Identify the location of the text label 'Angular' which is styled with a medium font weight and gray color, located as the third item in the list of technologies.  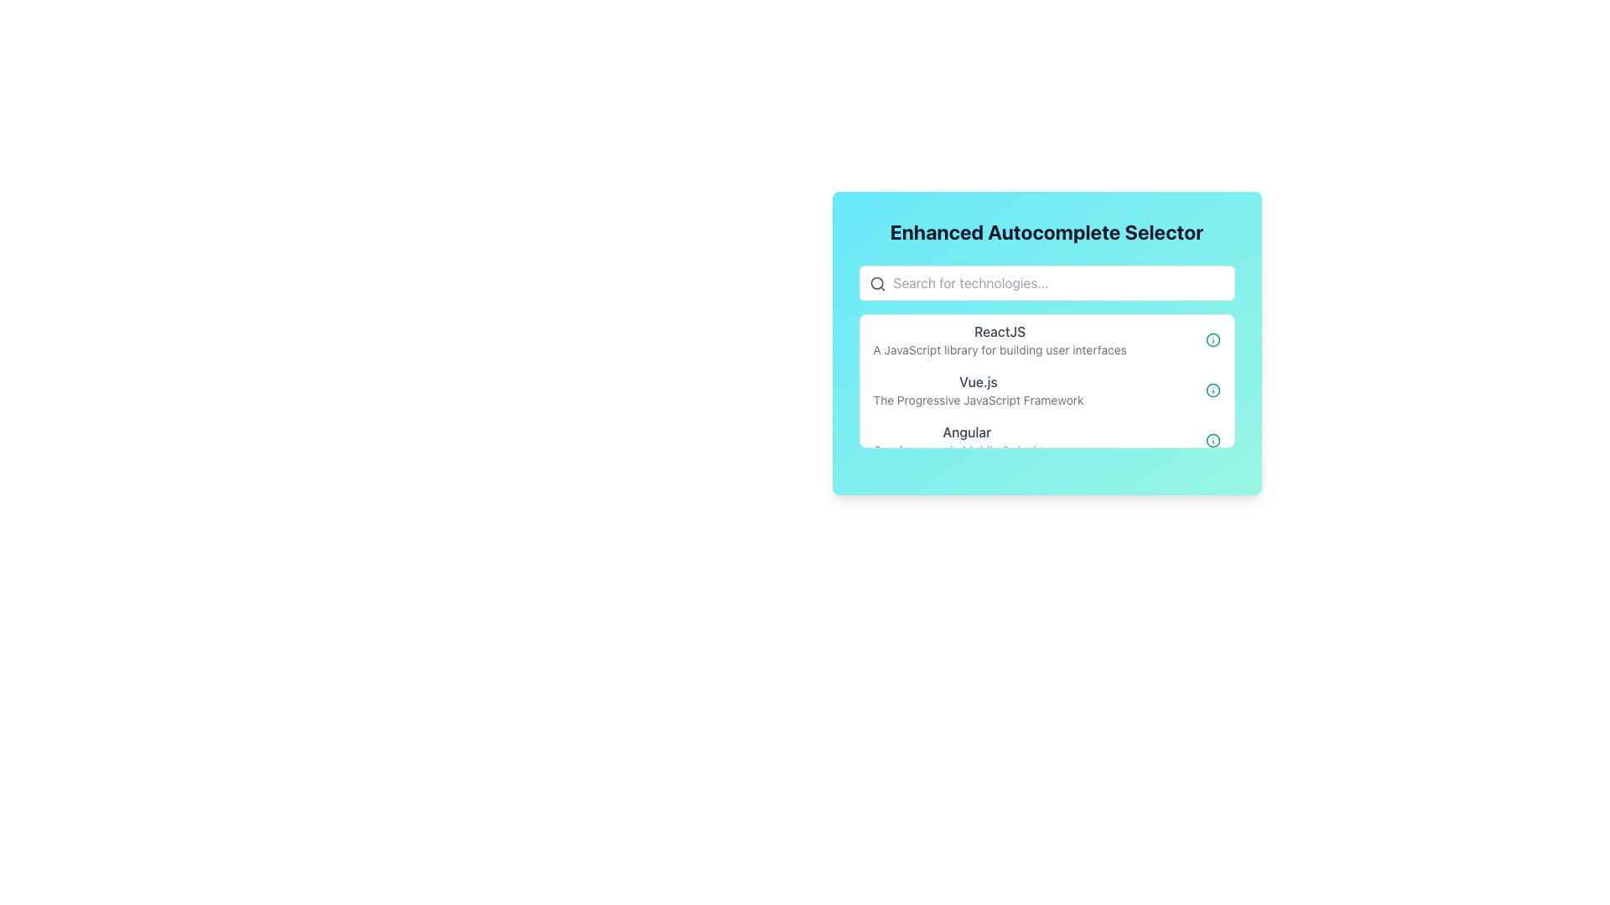
(967, 432).